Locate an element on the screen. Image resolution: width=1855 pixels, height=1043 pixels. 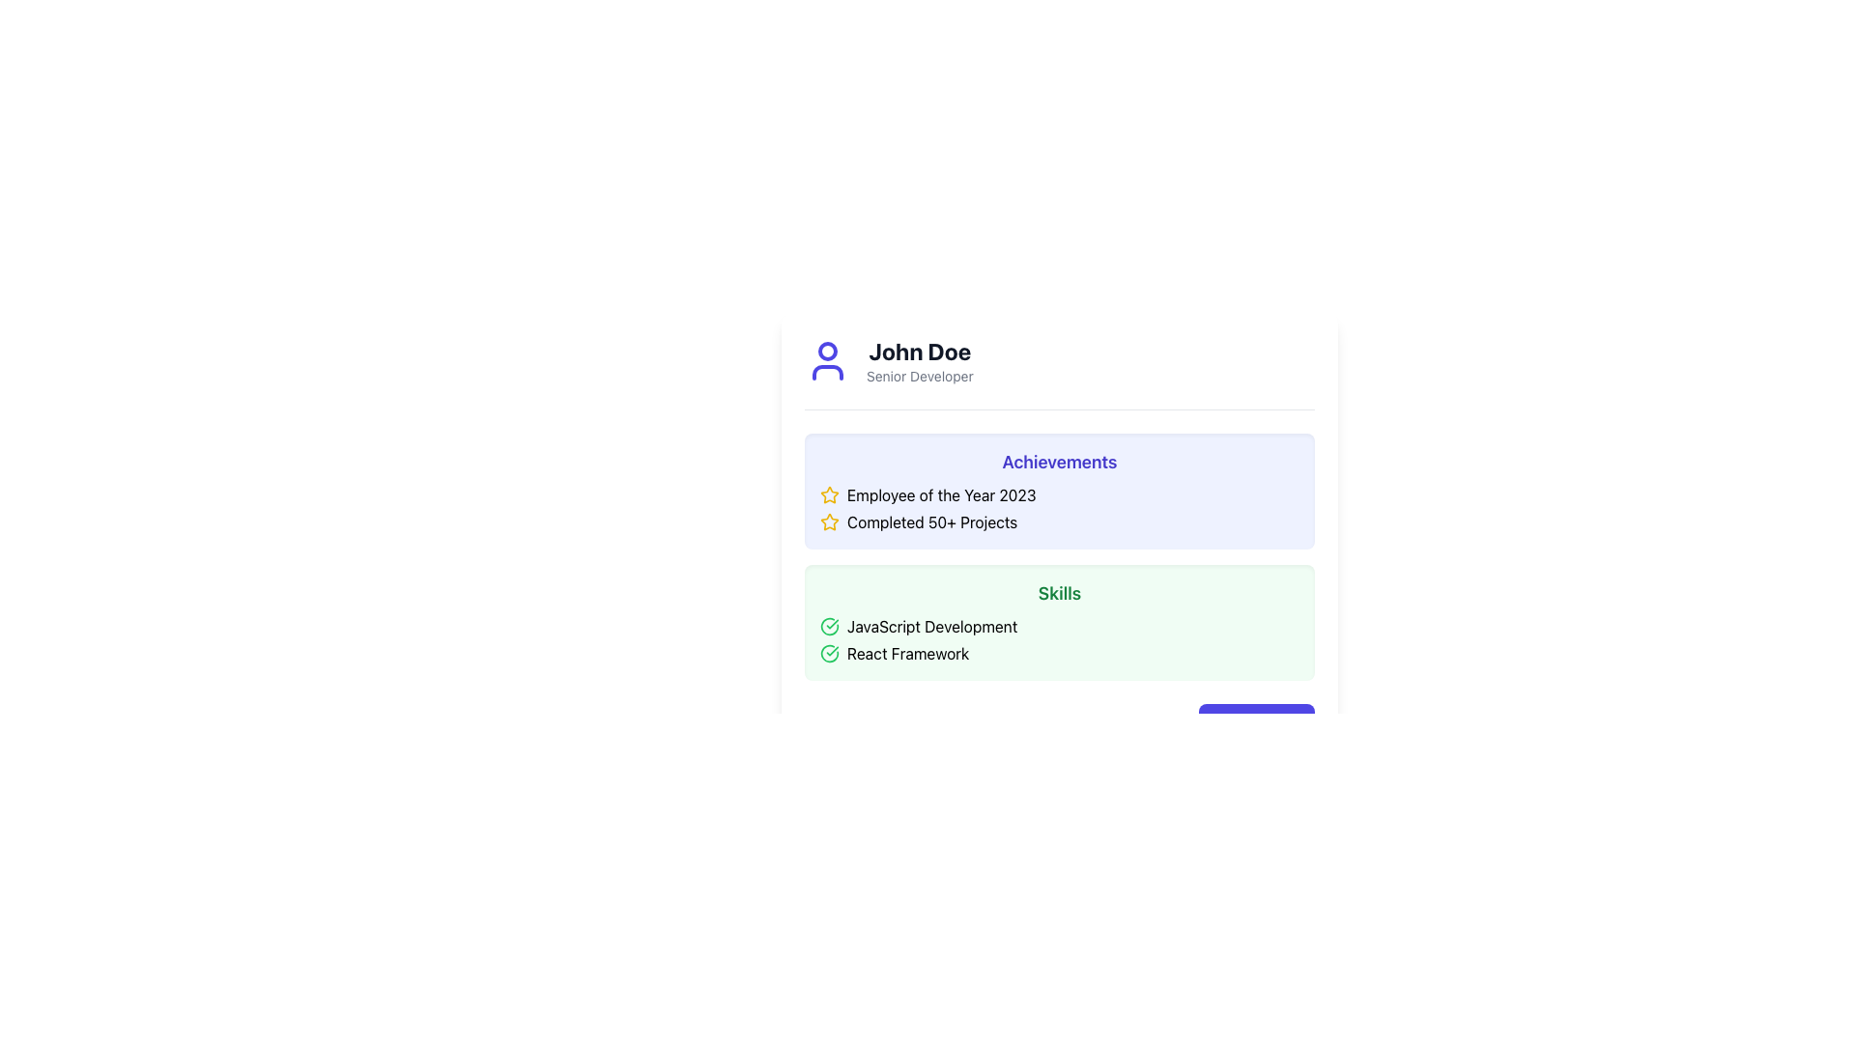
the Text Display element that contains the name 'John Doe' and the title 'Senior Developer', which is styled in bold and smaller text respectively, located on a white background in the upper left section of the page is located at coordinates (919, 361).